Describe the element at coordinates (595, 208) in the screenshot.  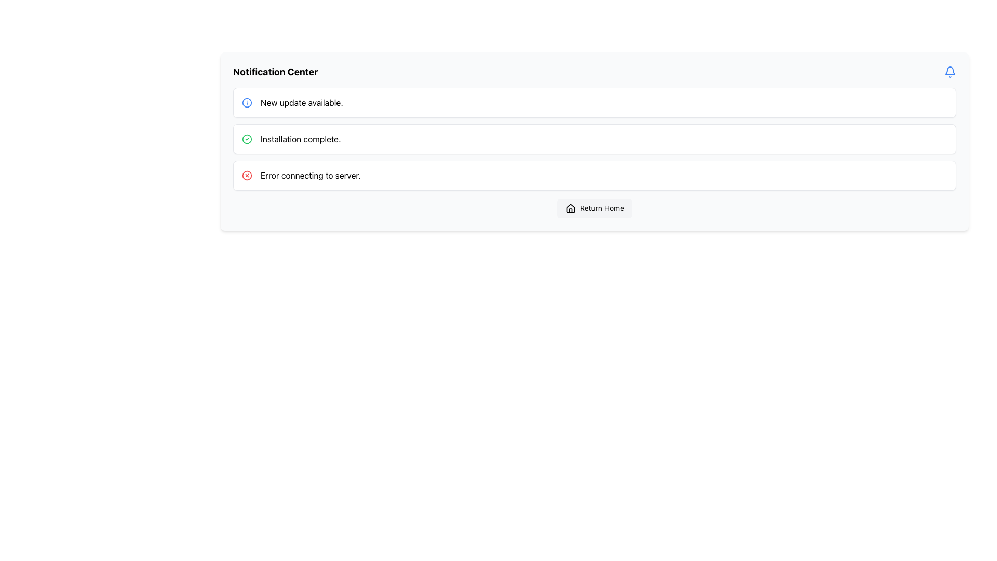
I see `the interactive button located at the center of the main notification card` at that location.